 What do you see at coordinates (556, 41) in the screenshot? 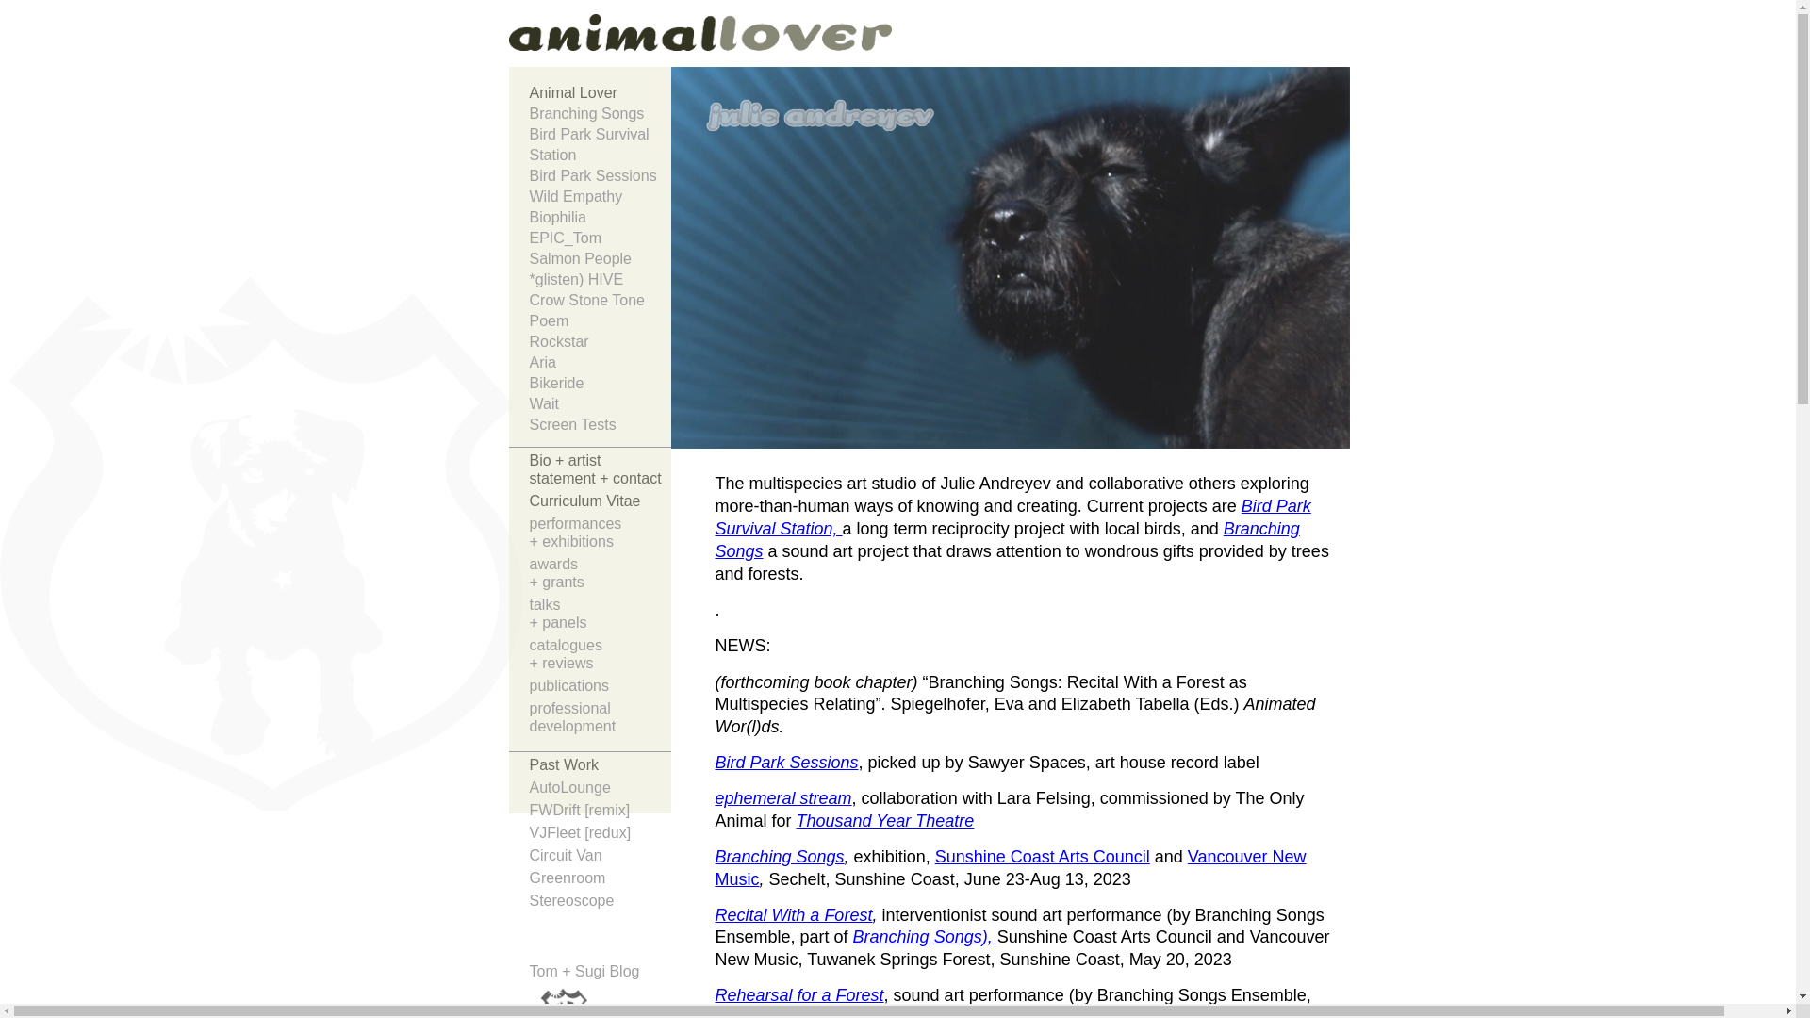
I see `'Julie Andreyev'` at bounding box center [556, 41].